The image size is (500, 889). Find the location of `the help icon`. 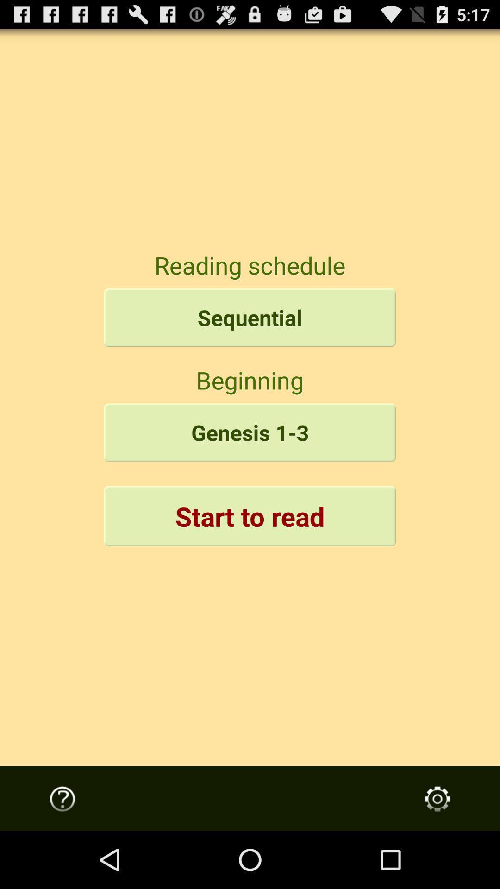

the help icon is located at coordinates (62, 855).